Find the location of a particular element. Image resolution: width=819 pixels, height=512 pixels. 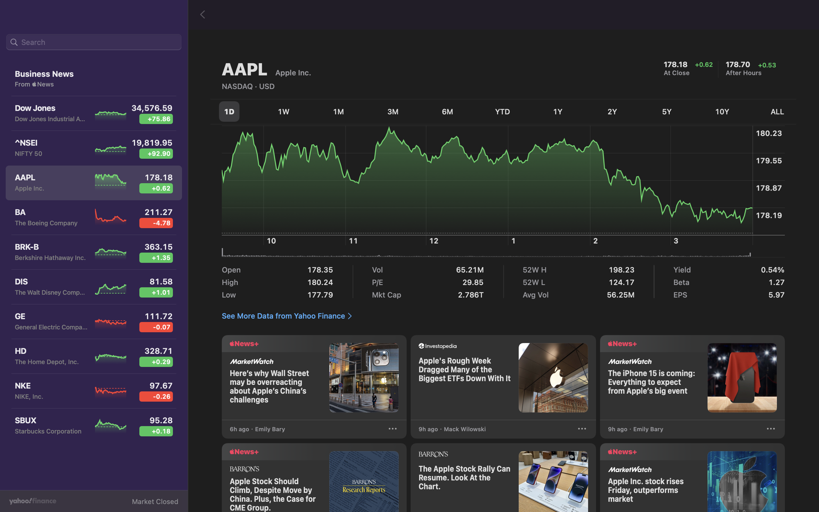

Interact with the "three dots" symbol to see more actions is located at coordinates (770, 430).